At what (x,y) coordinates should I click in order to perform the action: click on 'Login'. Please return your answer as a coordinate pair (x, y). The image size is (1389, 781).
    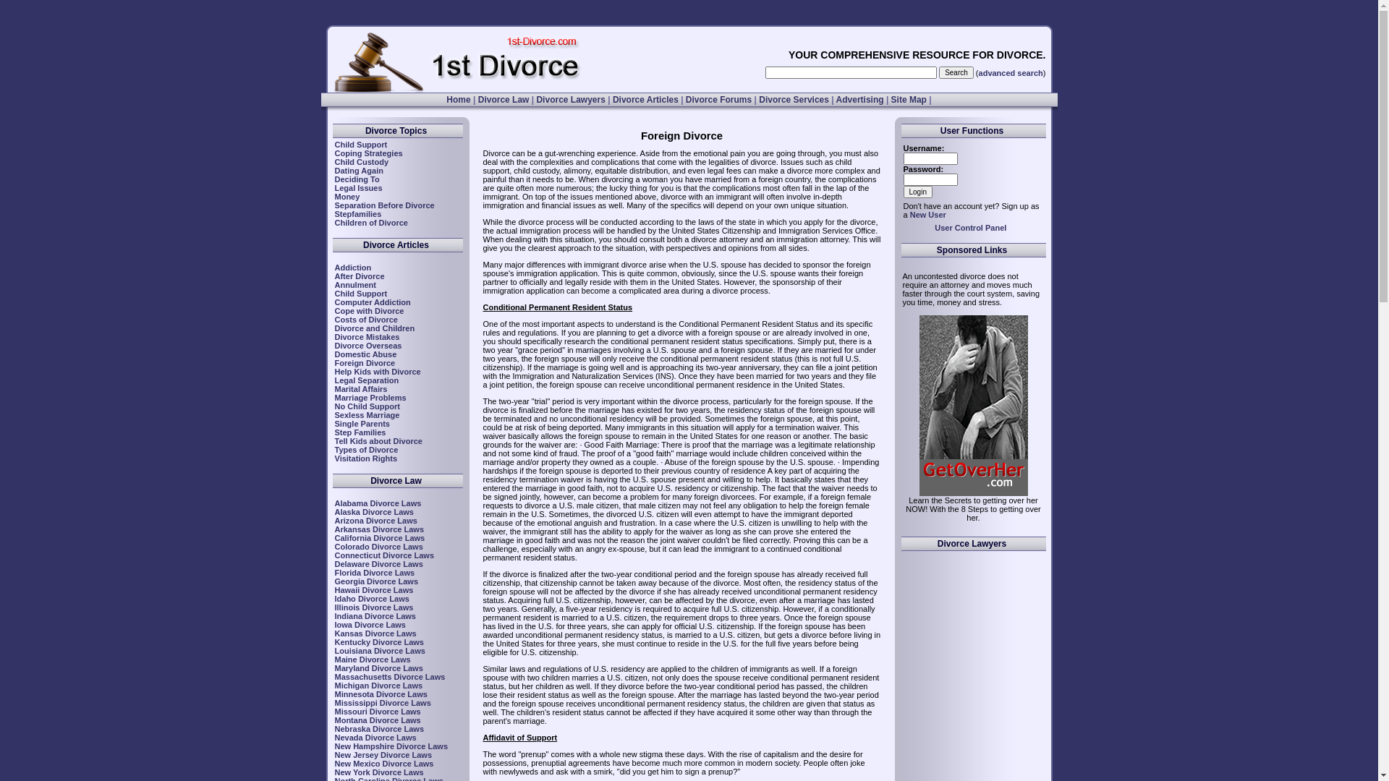
    Looking at the image, I should click on (916, 191).